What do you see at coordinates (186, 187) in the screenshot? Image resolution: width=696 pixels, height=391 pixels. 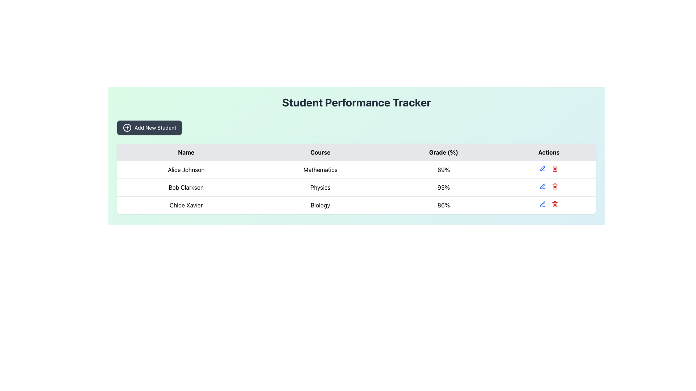 I see `the text label displaying 'Bob Clarkson' in the second row of the 'Name' column within the table` at bounding box center [186, 187].